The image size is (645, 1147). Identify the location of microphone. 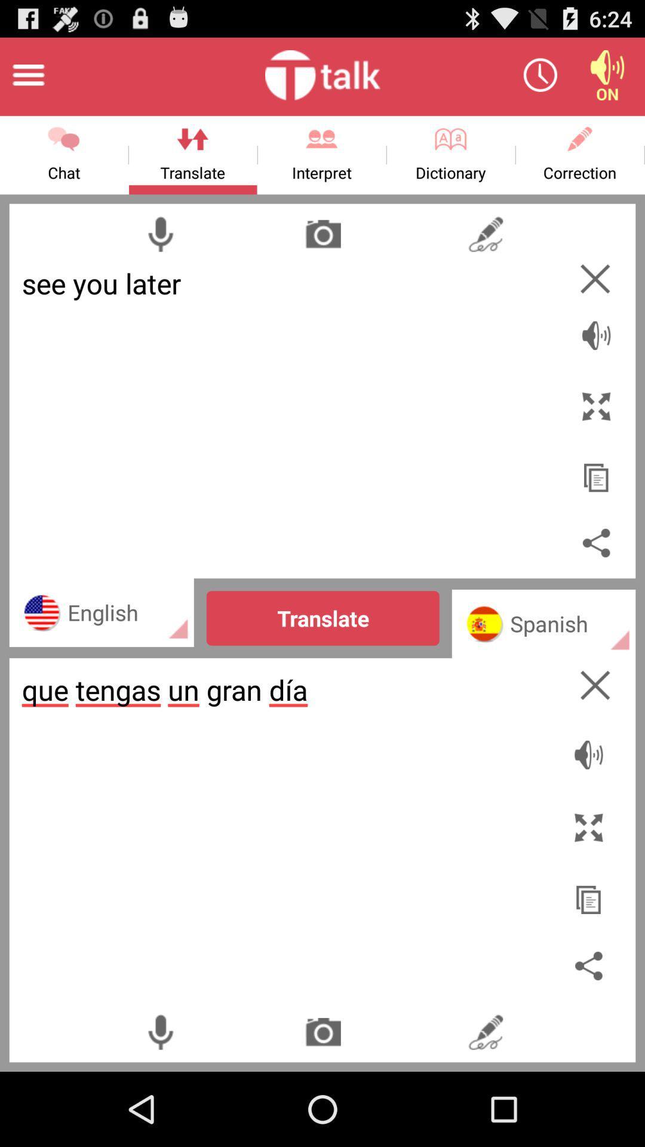
(159, 234).